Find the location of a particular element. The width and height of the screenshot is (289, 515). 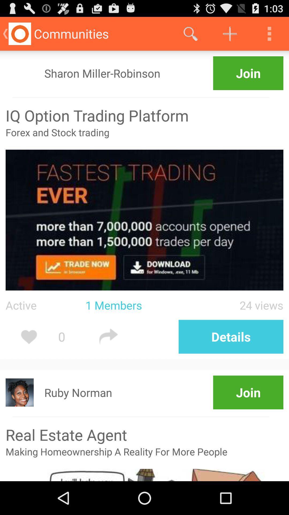

app to the left of the 1 members icon is located at coordinates (45, 305).